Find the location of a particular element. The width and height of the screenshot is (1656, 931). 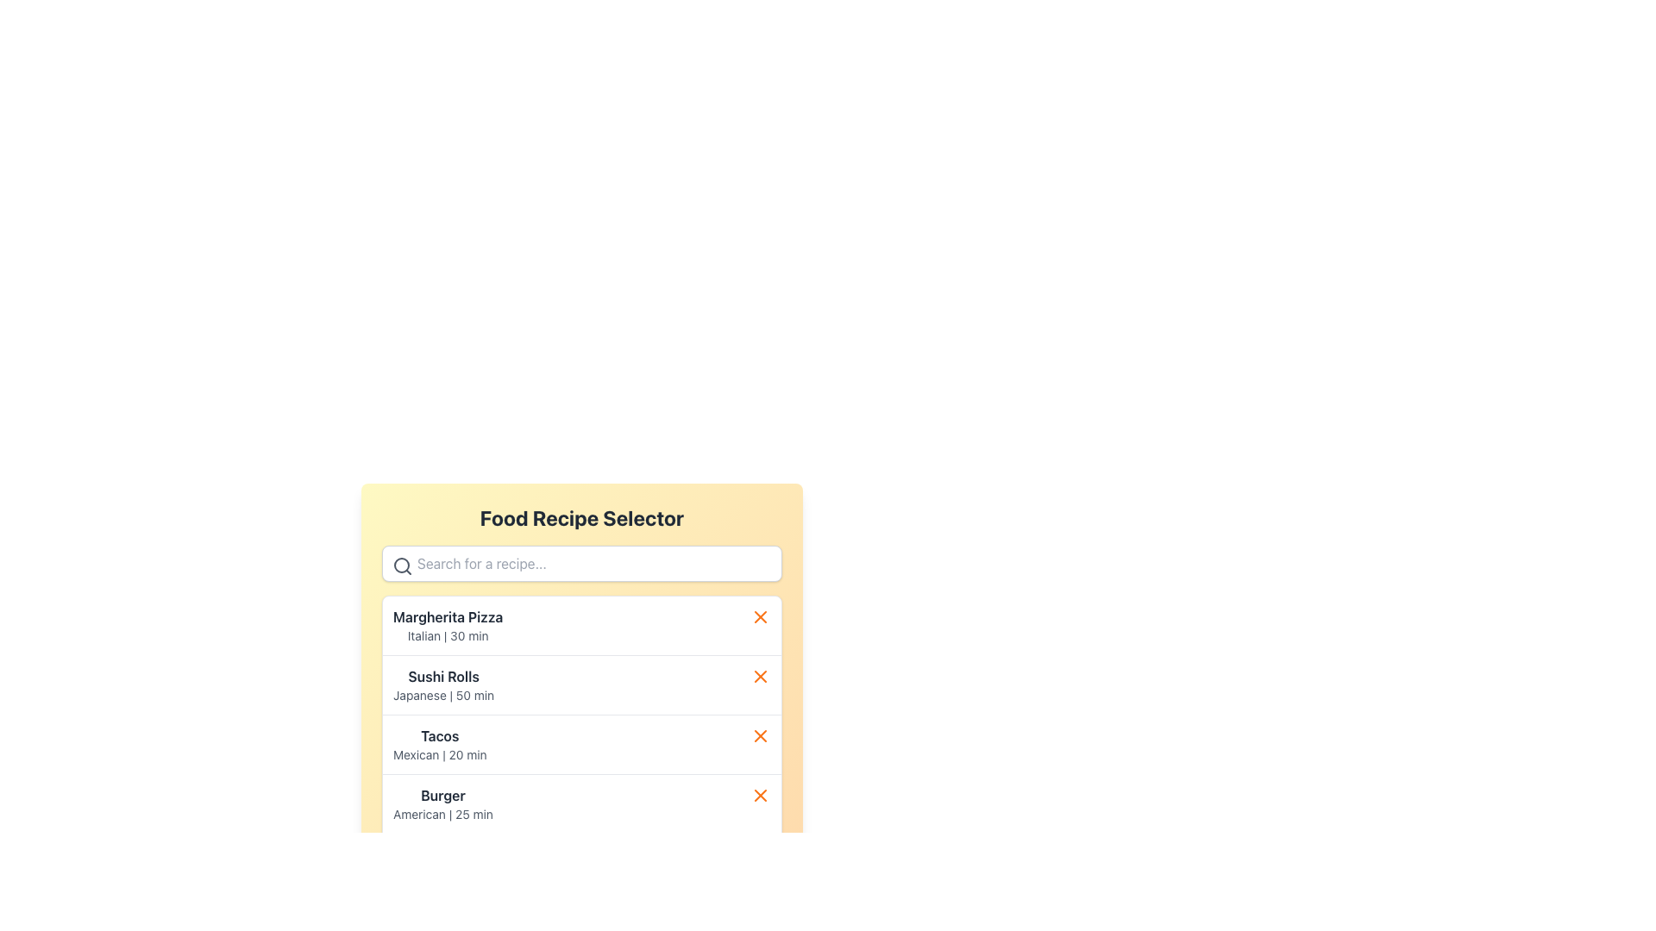

the food item 'Sushi Rolls' is located at coordinates (582, 684).